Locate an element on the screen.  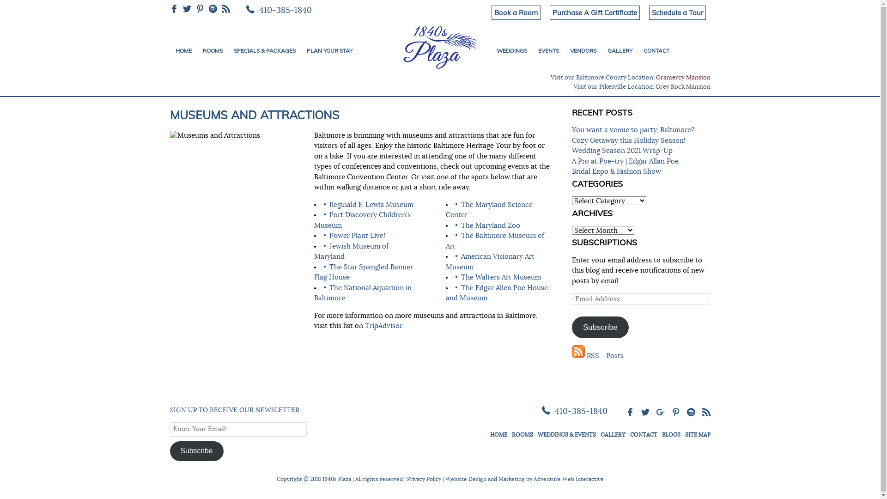
'A Pro at Poe-try | Edgar Allan Poe' is located at coordinates (625, 161).